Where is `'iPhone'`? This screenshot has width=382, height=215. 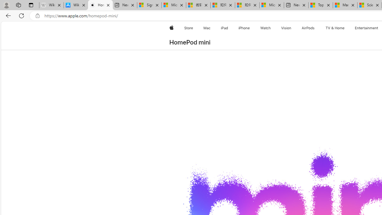
'iPhone' is located at coordinates (244, 28).